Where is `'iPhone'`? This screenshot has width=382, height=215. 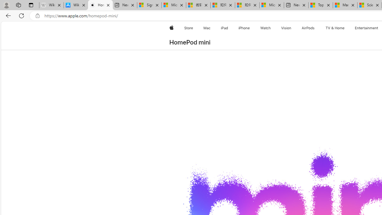
'iPhone' is located at coordinates (244, 28).